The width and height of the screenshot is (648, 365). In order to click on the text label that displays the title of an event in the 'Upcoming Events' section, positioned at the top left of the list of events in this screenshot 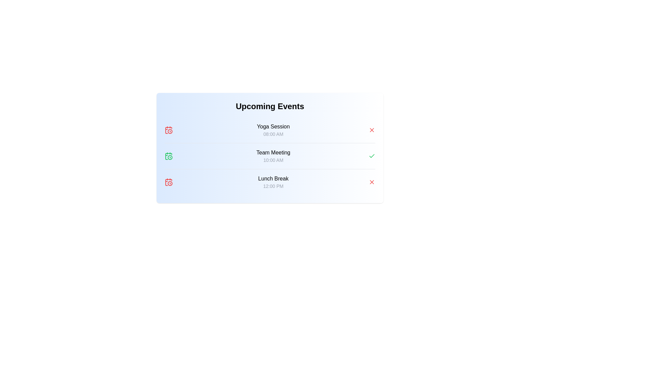, I will do `click(273, 126)`.